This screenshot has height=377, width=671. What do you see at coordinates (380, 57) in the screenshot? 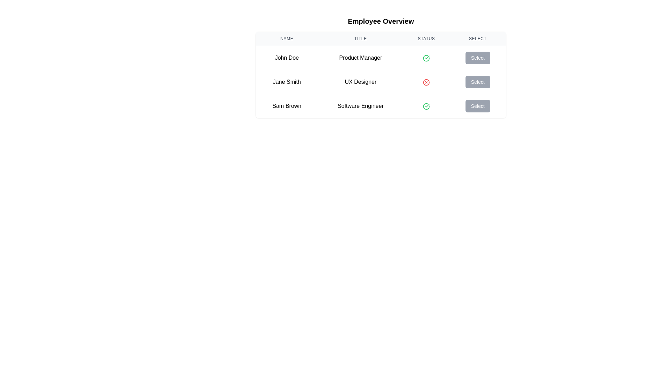
I see `information in the topmost row of the 'Employee Overview' table containing the name 'John Doe', title 'Product Manager', and a 'Select' button` at bounding box center [380, 57].